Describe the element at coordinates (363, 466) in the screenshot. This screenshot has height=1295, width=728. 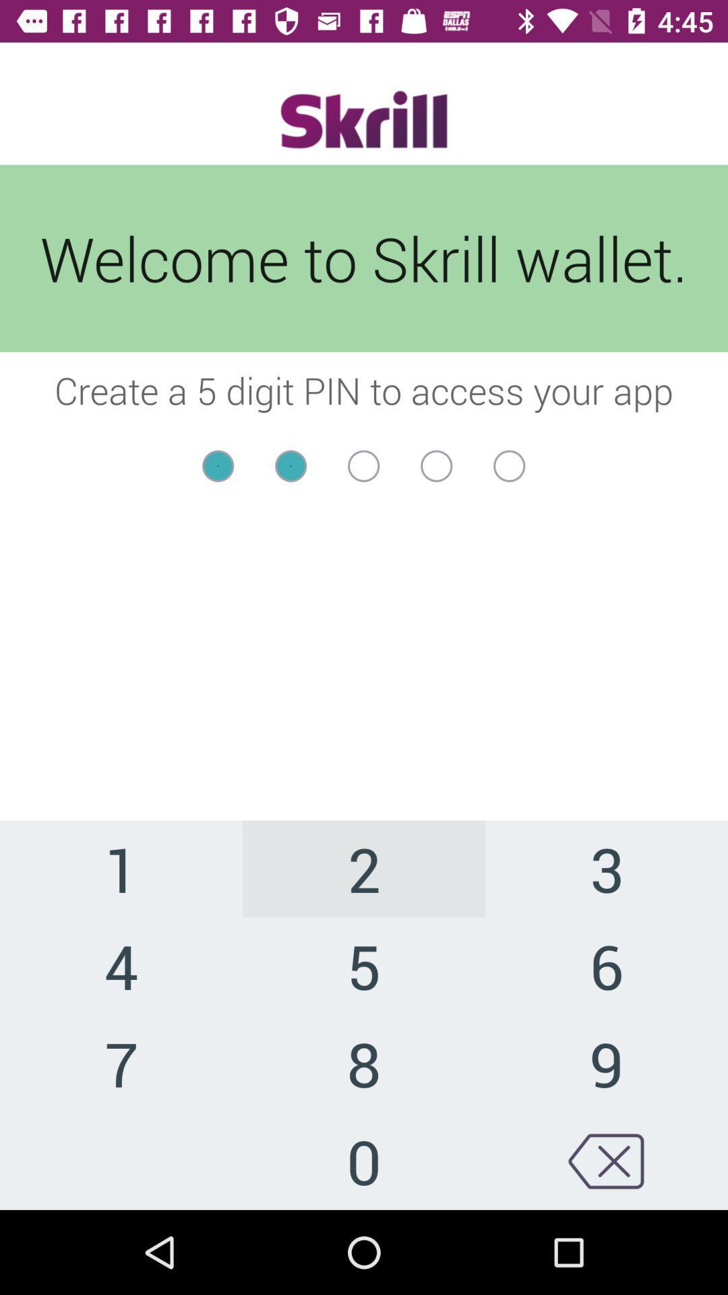
I see `typed pin field` at that location.